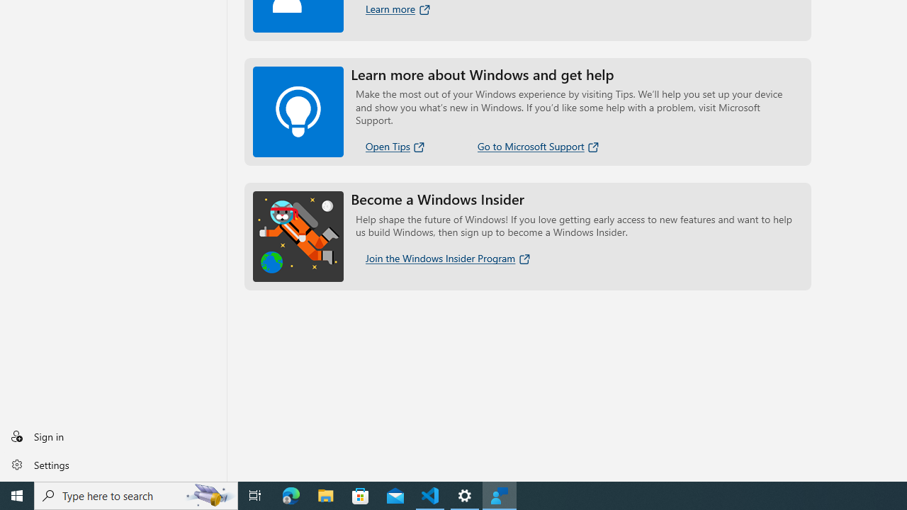 Image resolution: width=907 pixels, height=510 pixels. I want to click on 'Go to Microsoft Support', so click(538, 146).